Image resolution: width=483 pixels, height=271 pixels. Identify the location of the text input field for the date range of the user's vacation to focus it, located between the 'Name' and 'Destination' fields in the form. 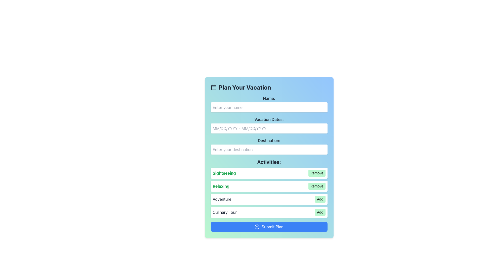
(269, 124).